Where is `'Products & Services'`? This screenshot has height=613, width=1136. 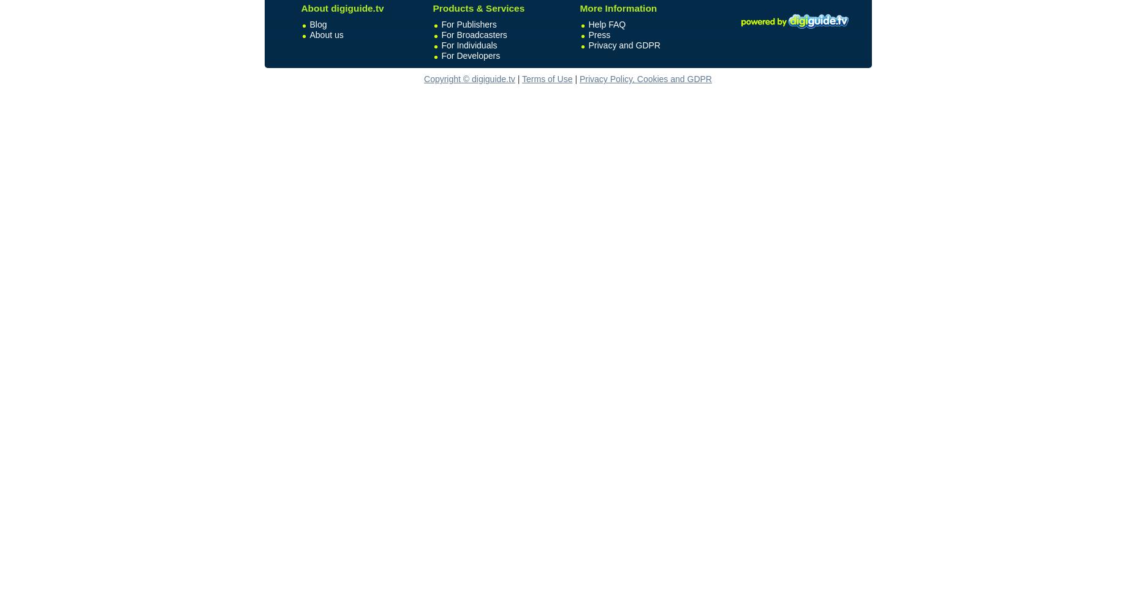
'Products & Services' is located at coordinates (479, 7).